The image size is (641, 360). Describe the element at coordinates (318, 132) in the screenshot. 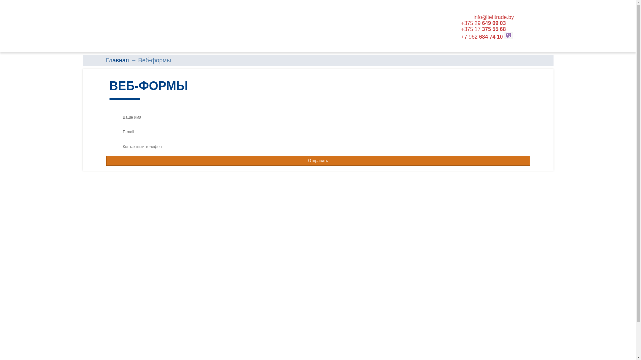

I see `'E-mail'` at that location.